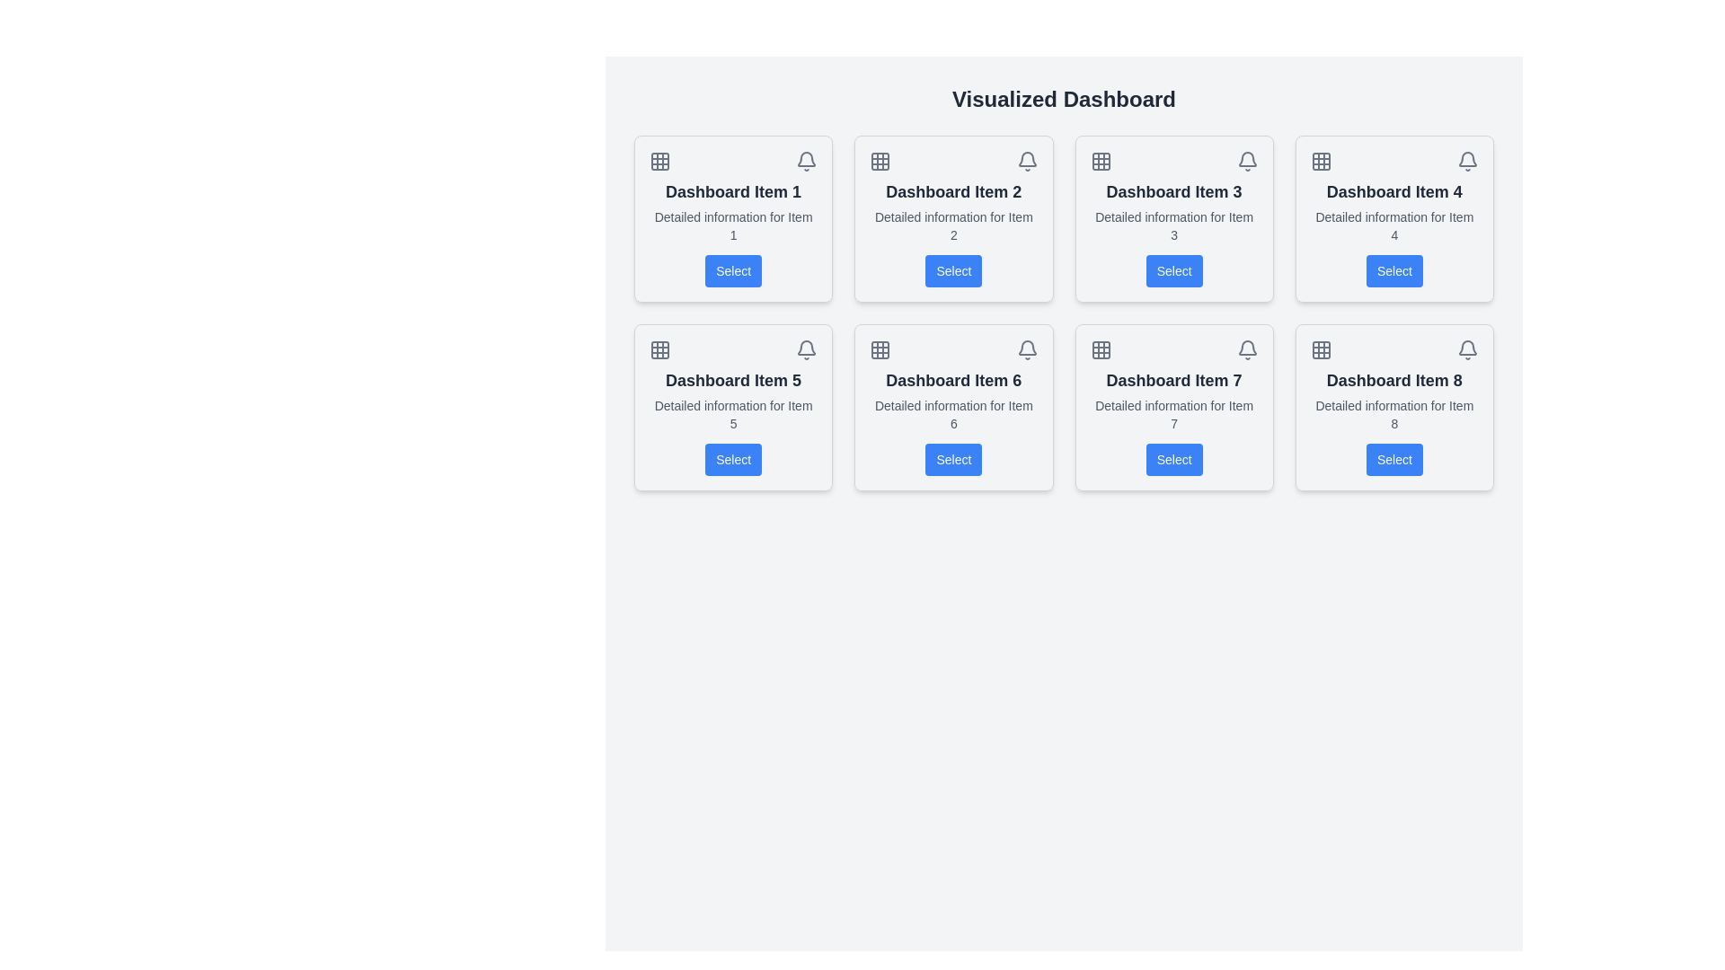 Image resolution: width=1725 pixels, height=970 pixels. What do you see at coordinates (1393, 415) in the screenshot?
I see `the informational text in 'Dashboard Item 8' which is centrally aligned below the heading and above the 'Select' button` at bounding box center [1393, 415].